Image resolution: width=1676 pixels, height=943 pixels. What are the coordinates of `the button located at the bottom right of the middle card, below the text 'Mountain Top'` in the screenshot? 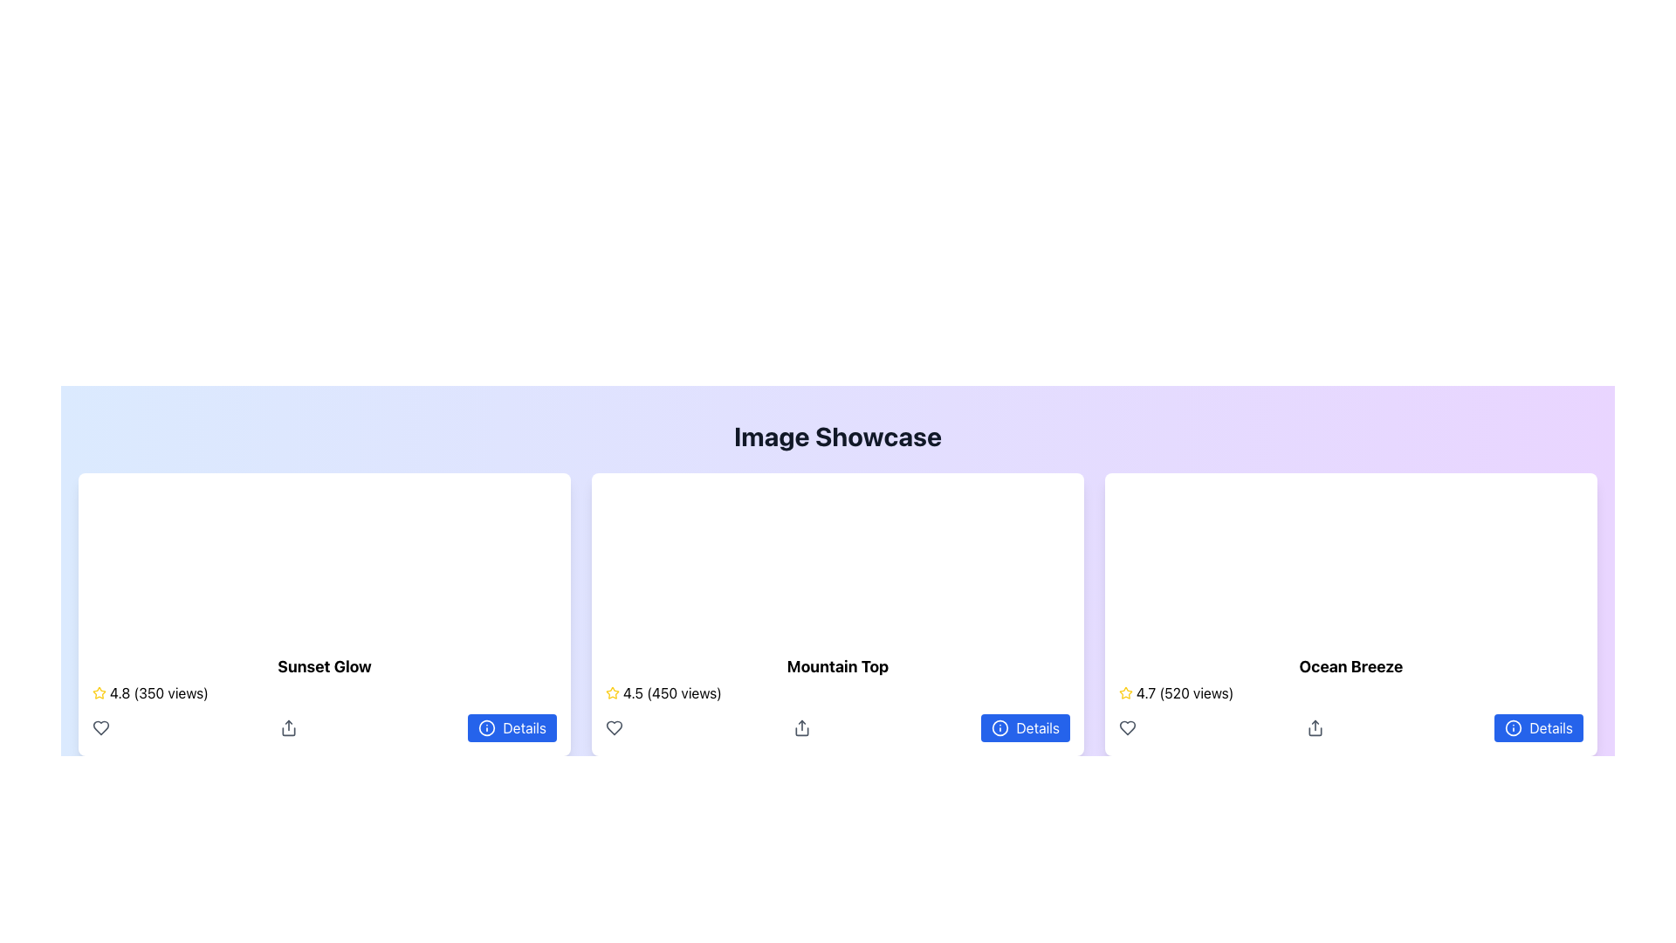 It's located at (1026, 727).